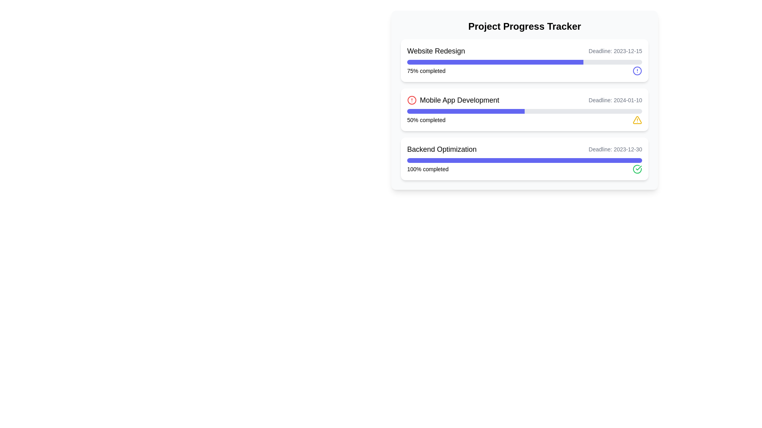 This screenshot has width=762, height=428. I want to click on the static text label displaying '100% completed' in black font, located in the 'Backend Optimization' section of the 'Project Progress Tracker', just below the progress bar, so click(427, 169).